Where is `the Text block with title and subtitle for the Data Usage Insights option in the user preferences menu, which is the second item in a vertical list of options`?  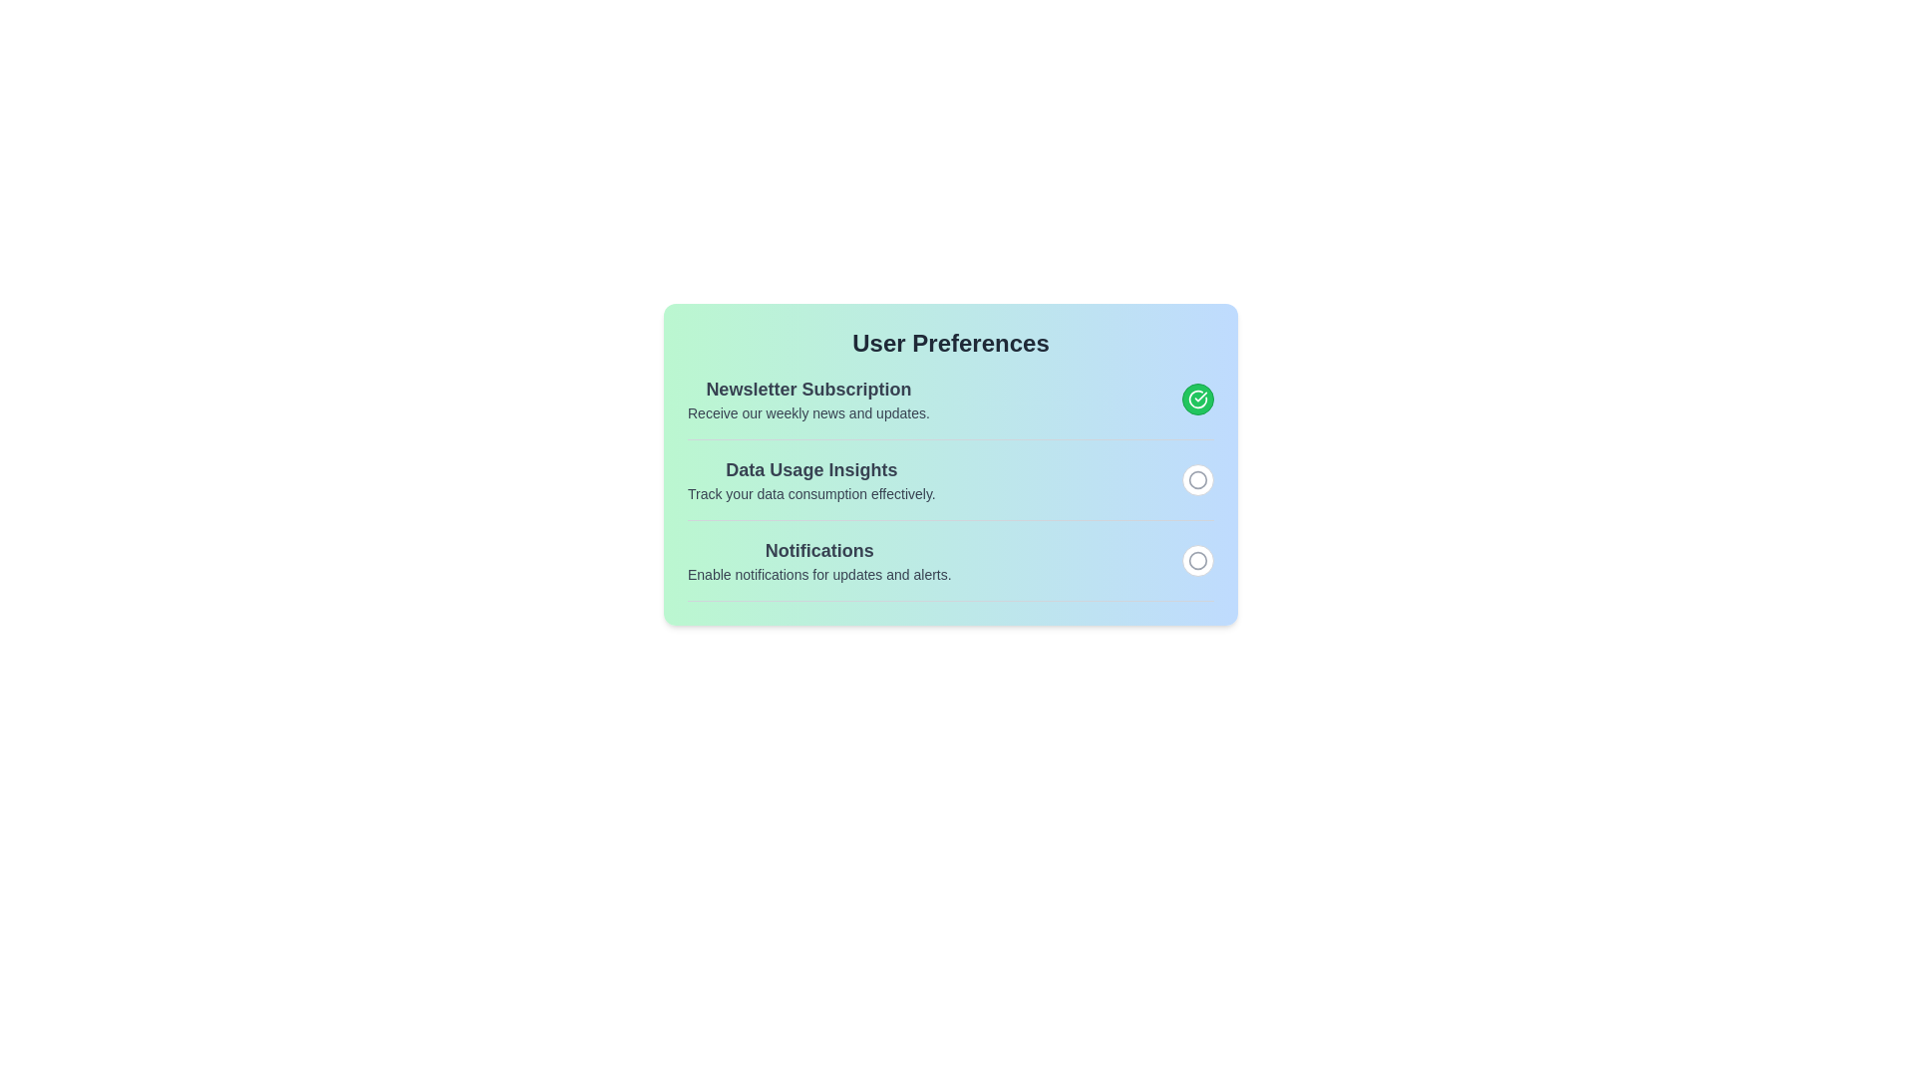
the Text block with title and subtitle for the Data Usage Insights option in the user preferences menu, which is the second item in a vertical list of options is located at coordinates (811, 480).